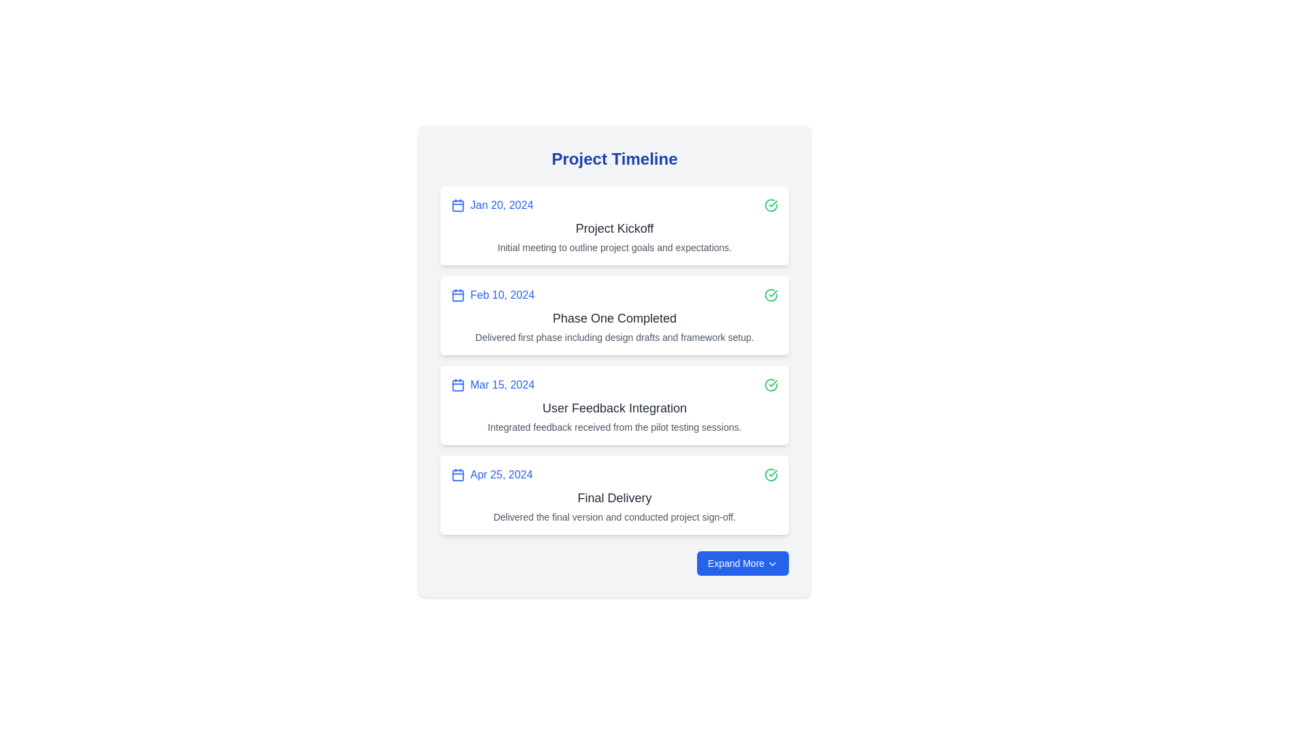  What do you see at coordinates (457, 295) in the screenshot?
I see `the calendar date icon located to the left of the date text 'Feb 10, 2024' in the second item of the timeline list` at bounding box center [457, 295].